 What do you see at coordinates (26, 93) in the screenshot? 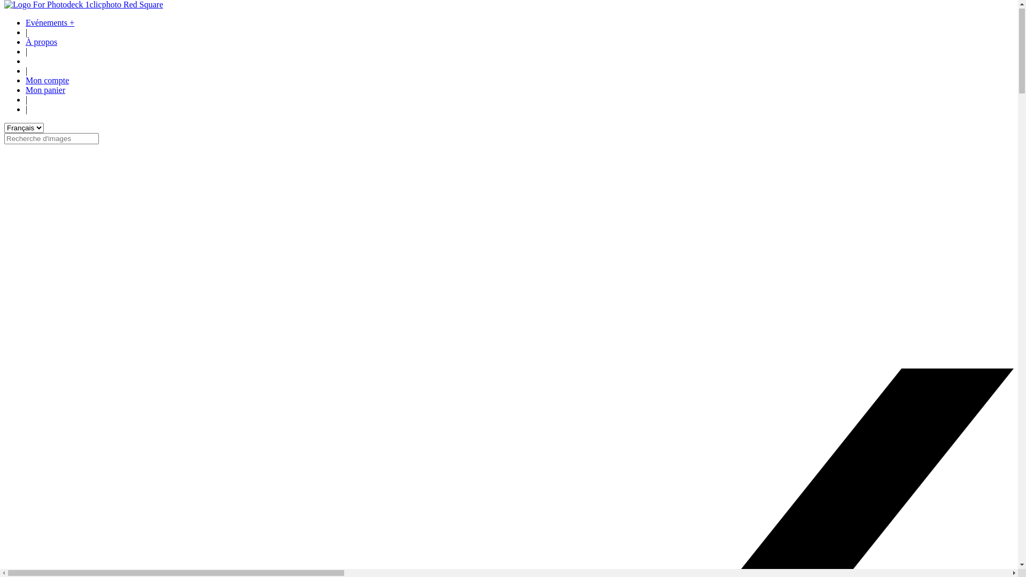
I see `'Mon panier'` at bounding box center [26, 93].